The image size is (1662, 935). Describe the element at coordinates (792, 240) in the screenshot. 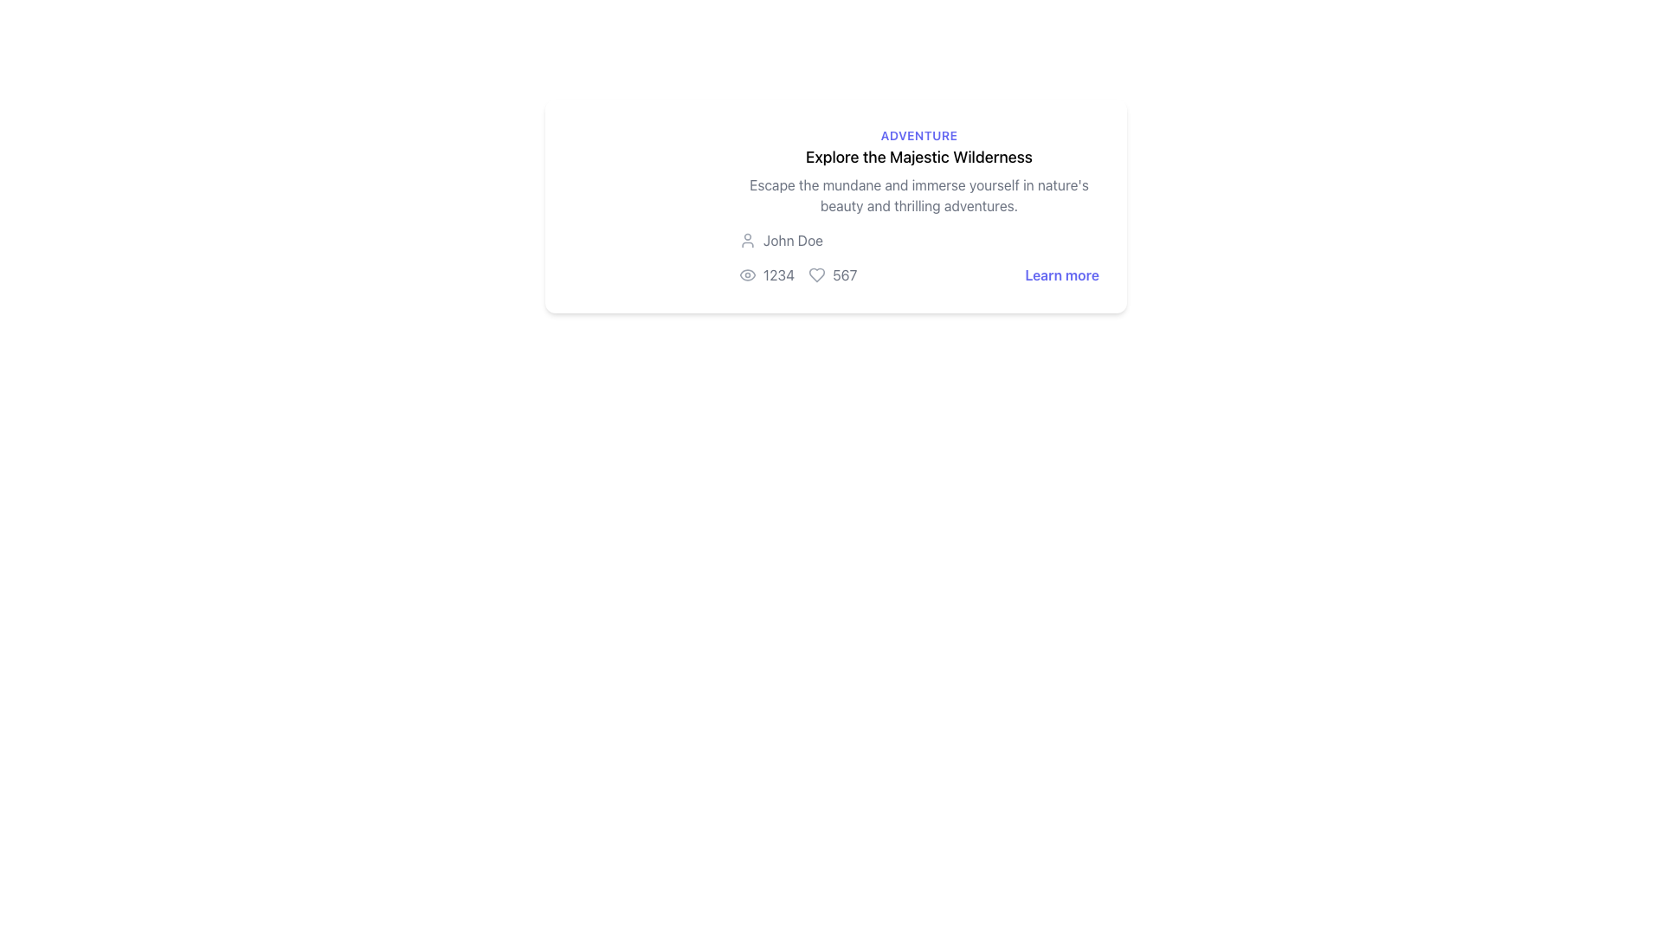

I see `the Static Text Label displaying 'John Doe', which is aligned to the right of a circular user icon in a light gray font` at that location.